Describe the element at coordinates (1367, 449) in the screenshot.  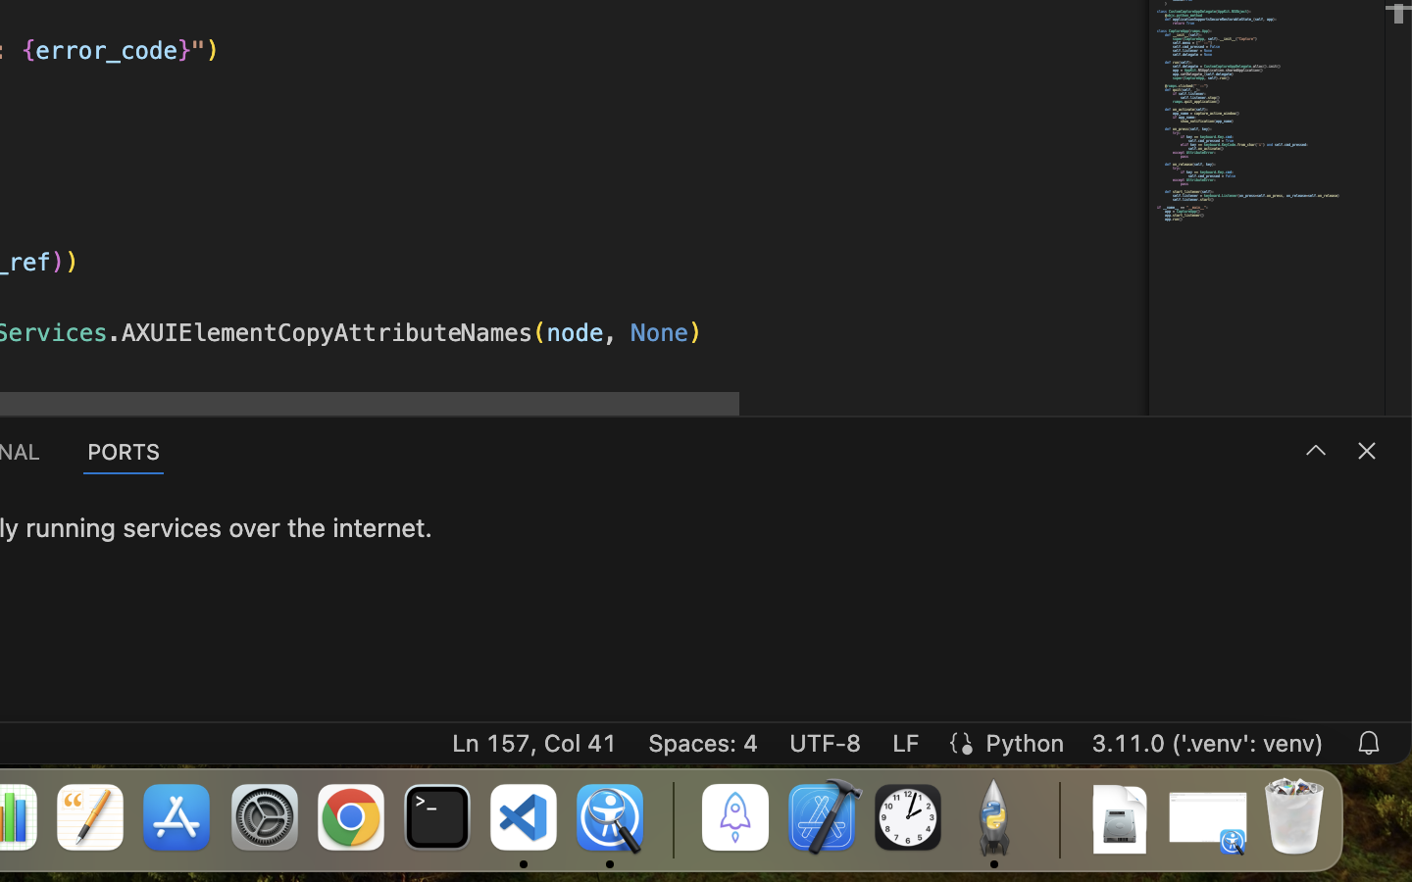
I see `''` at that location.